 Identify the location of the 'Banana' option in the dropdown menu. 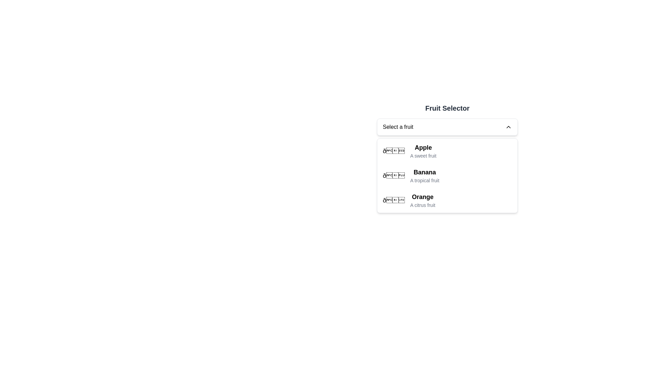
(447, 175).